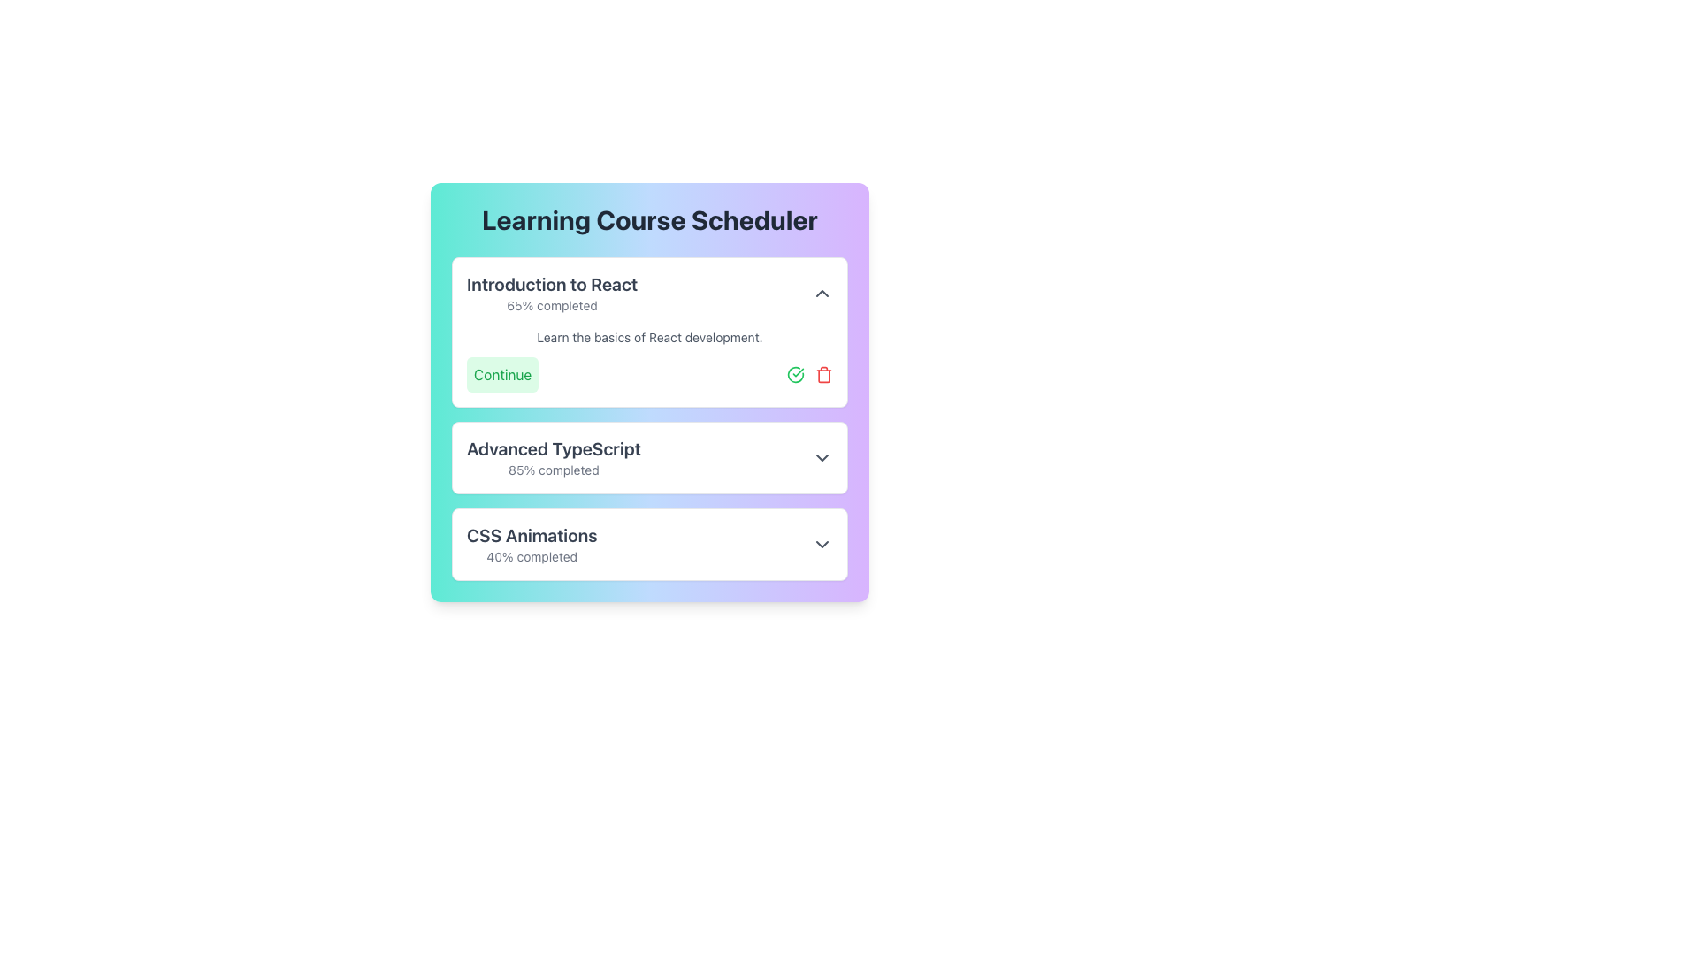 This screenshot has height=955, width=1698. I want to click on the Chevron Icon (Dropdown Toggle) located on the far right side of the 'Advanced TypeScript 85% completed' row, so click(822, 456).